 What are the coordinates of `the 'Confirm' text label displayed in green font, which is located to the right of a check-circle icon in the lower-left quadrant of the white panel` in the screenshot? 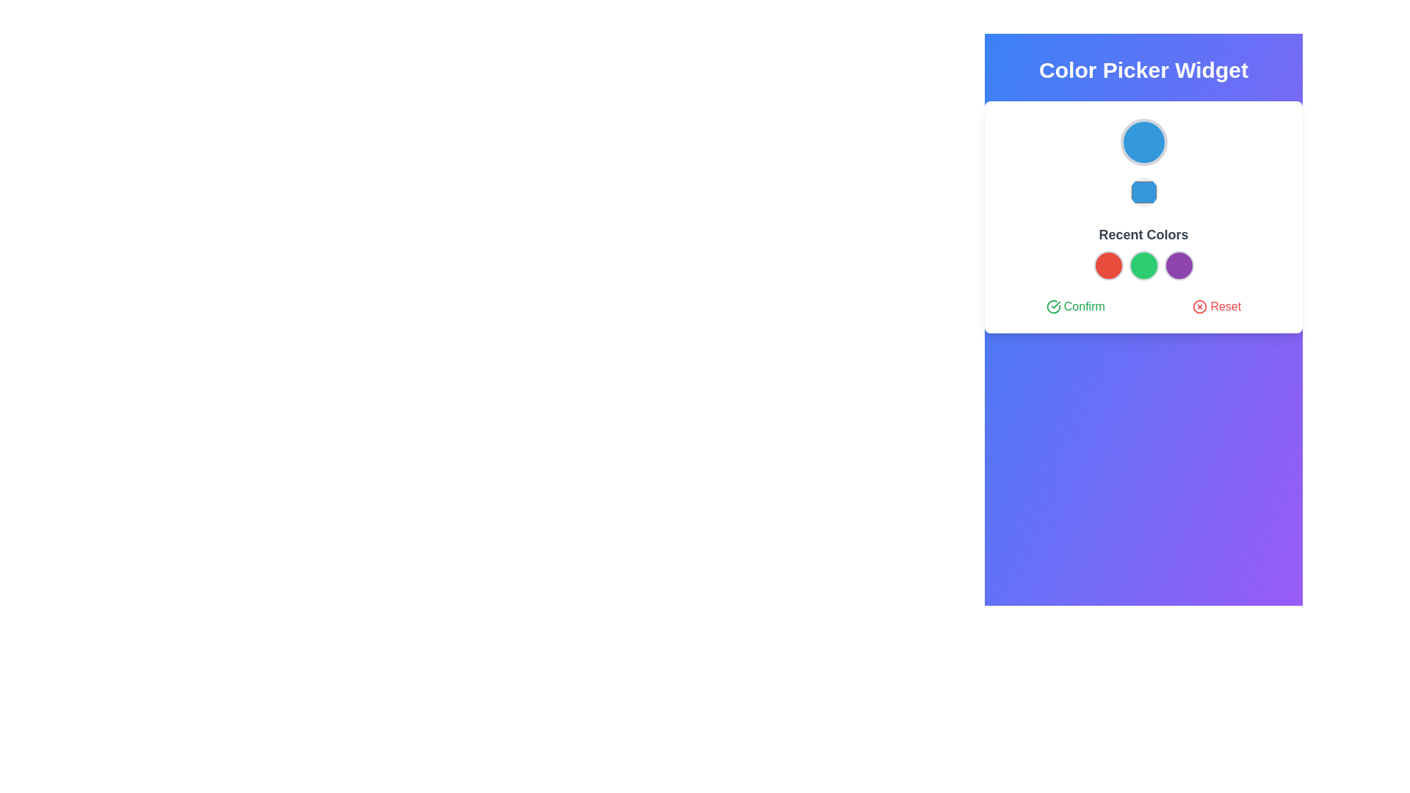 It's located at (1084, 305).